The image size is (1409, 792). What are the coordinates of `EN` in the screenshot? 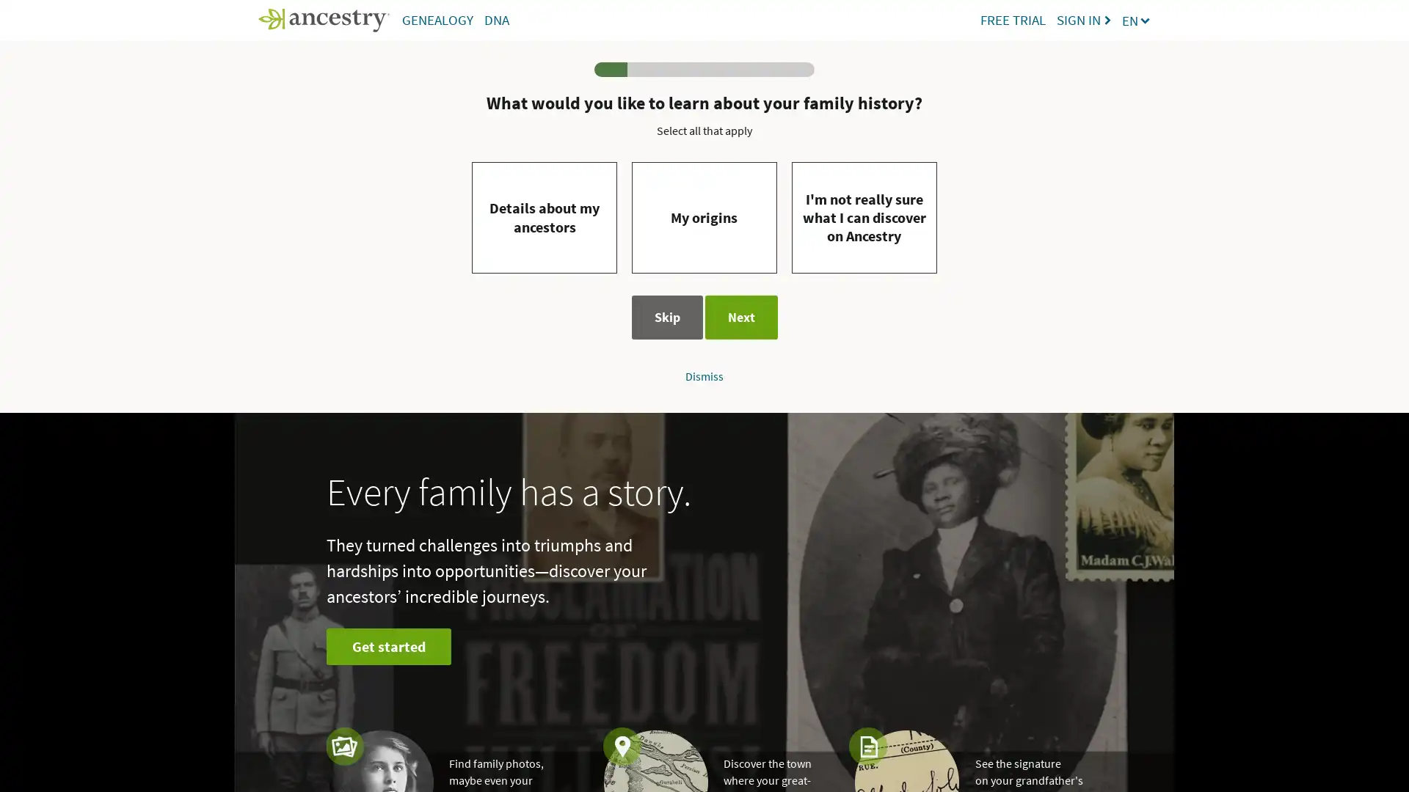 It's located at (1136, 20).